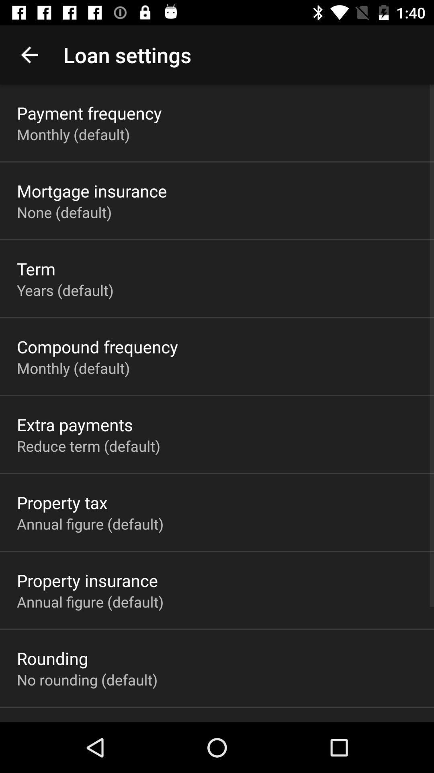 This screenshot has width=434, height=773. Describe the element at coordinates (97, 346) in the screenshot. I see `compound frequency` at that location.